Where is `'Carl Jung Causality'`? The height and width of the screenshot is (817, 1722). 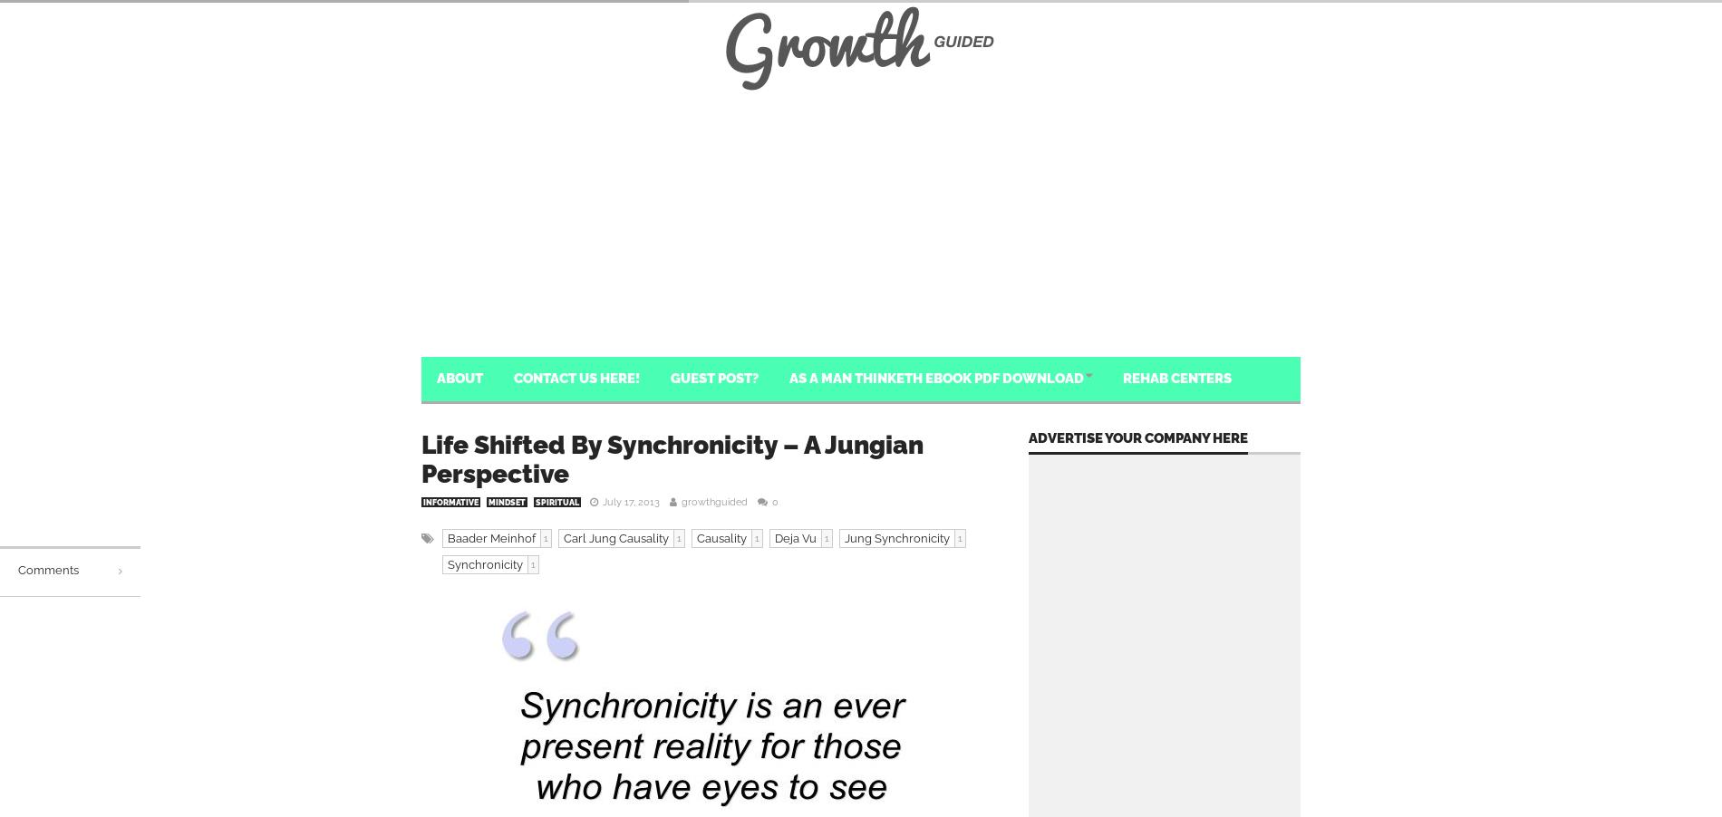 'Carl Jung Causality' is located at coordinates (564, 538).